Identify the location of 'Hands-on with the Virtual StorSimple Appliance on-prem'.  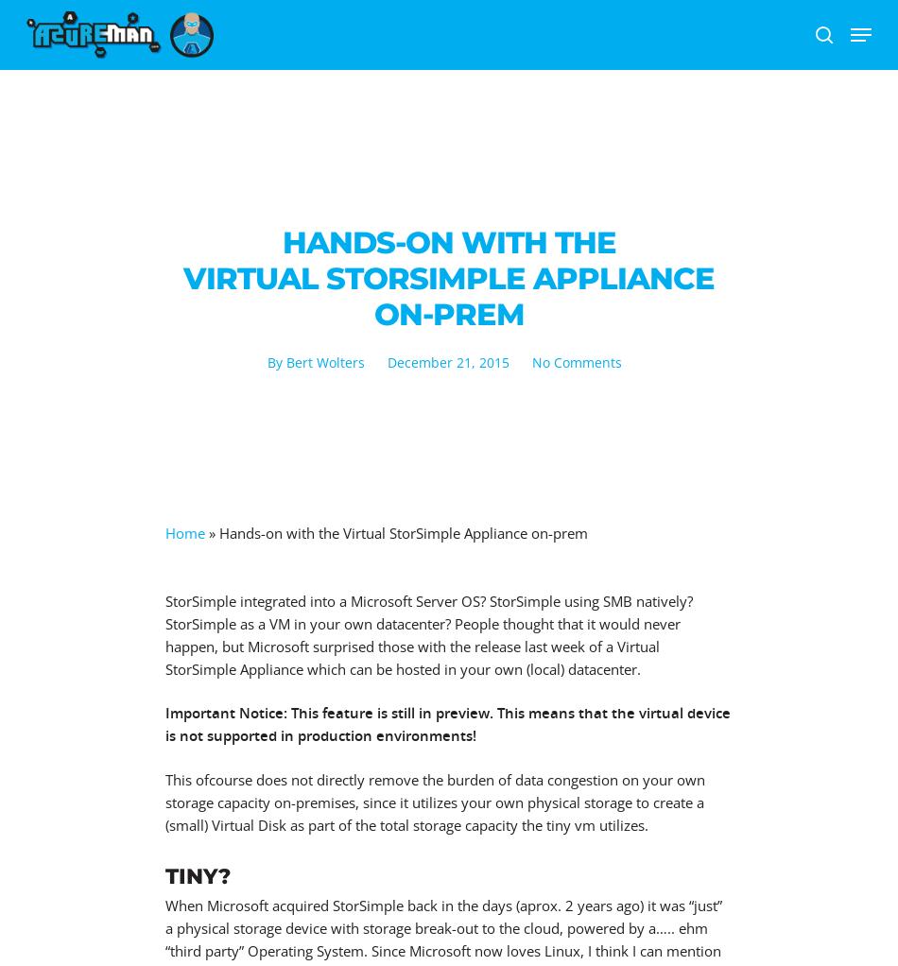
(403, 533).